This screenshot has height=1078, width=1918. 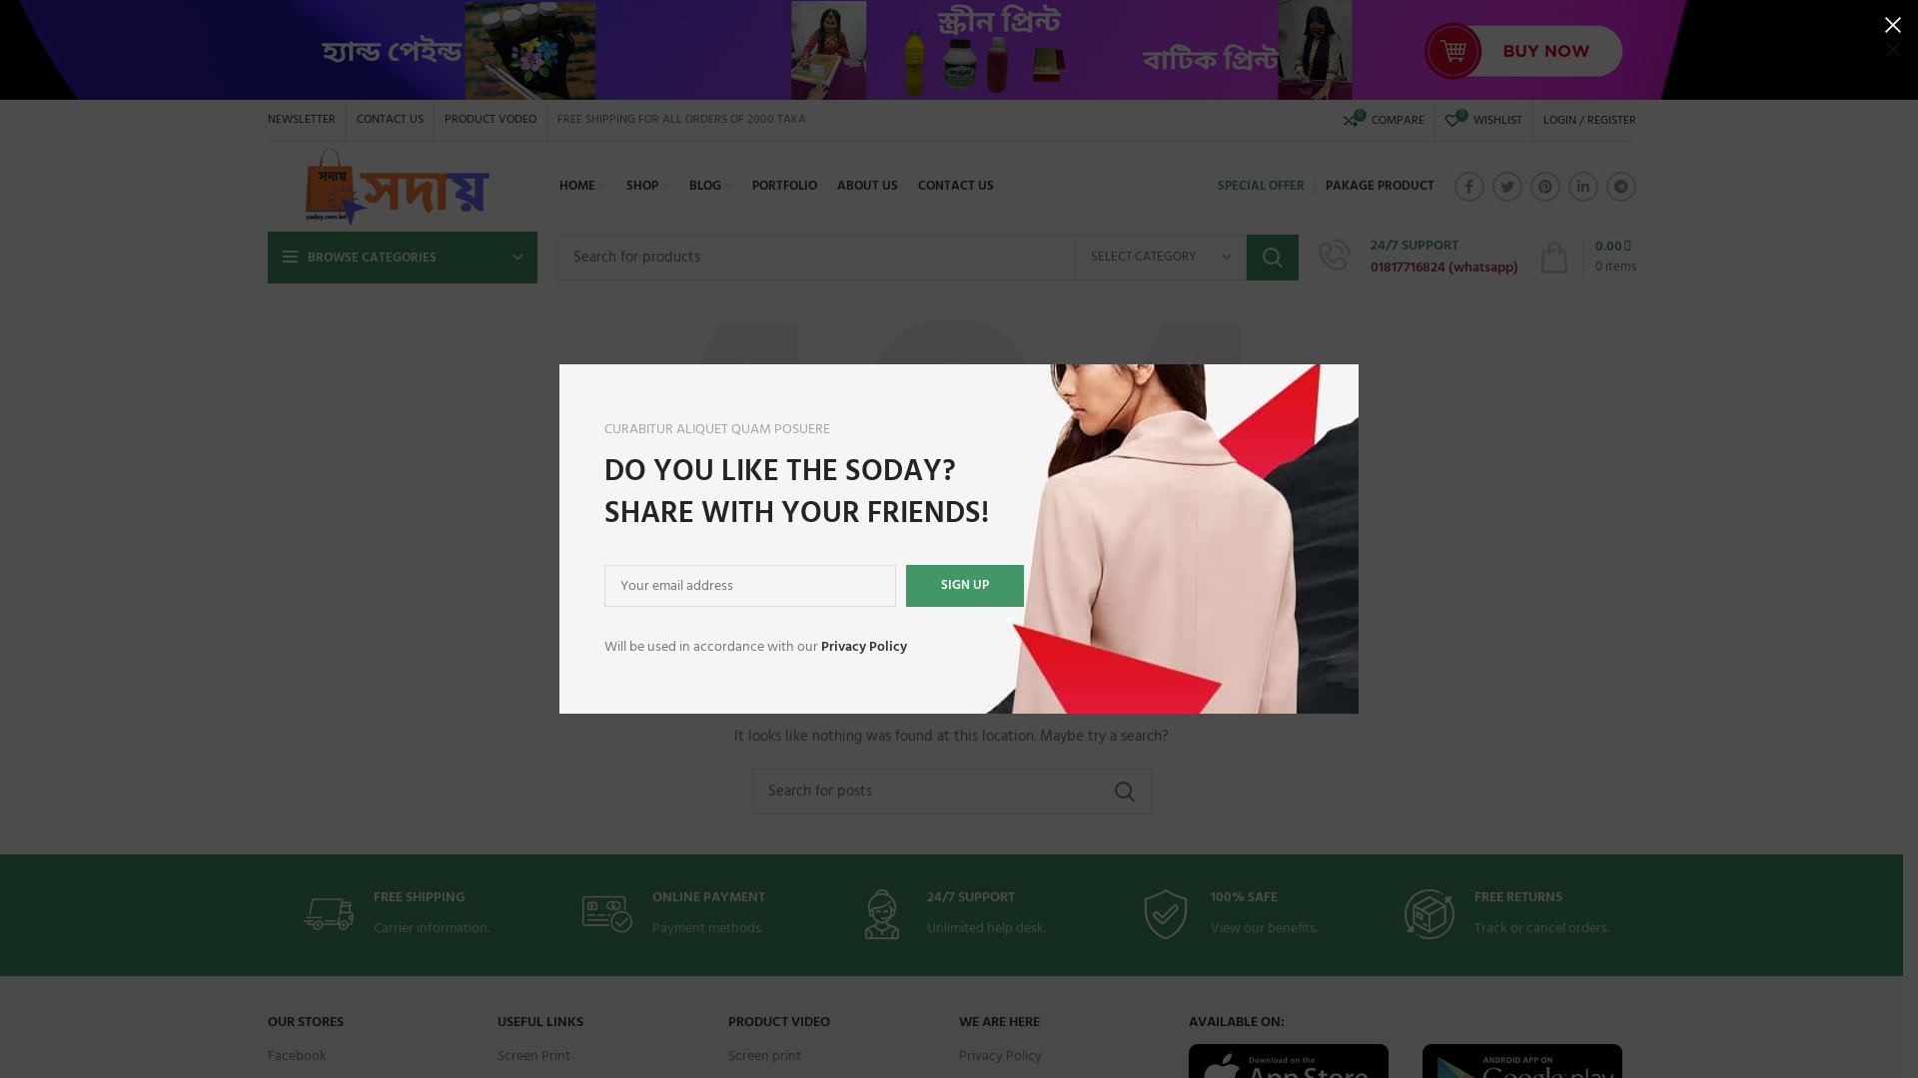 I want to click on 'FREE RETURNS, so click(x=1506, y=914).